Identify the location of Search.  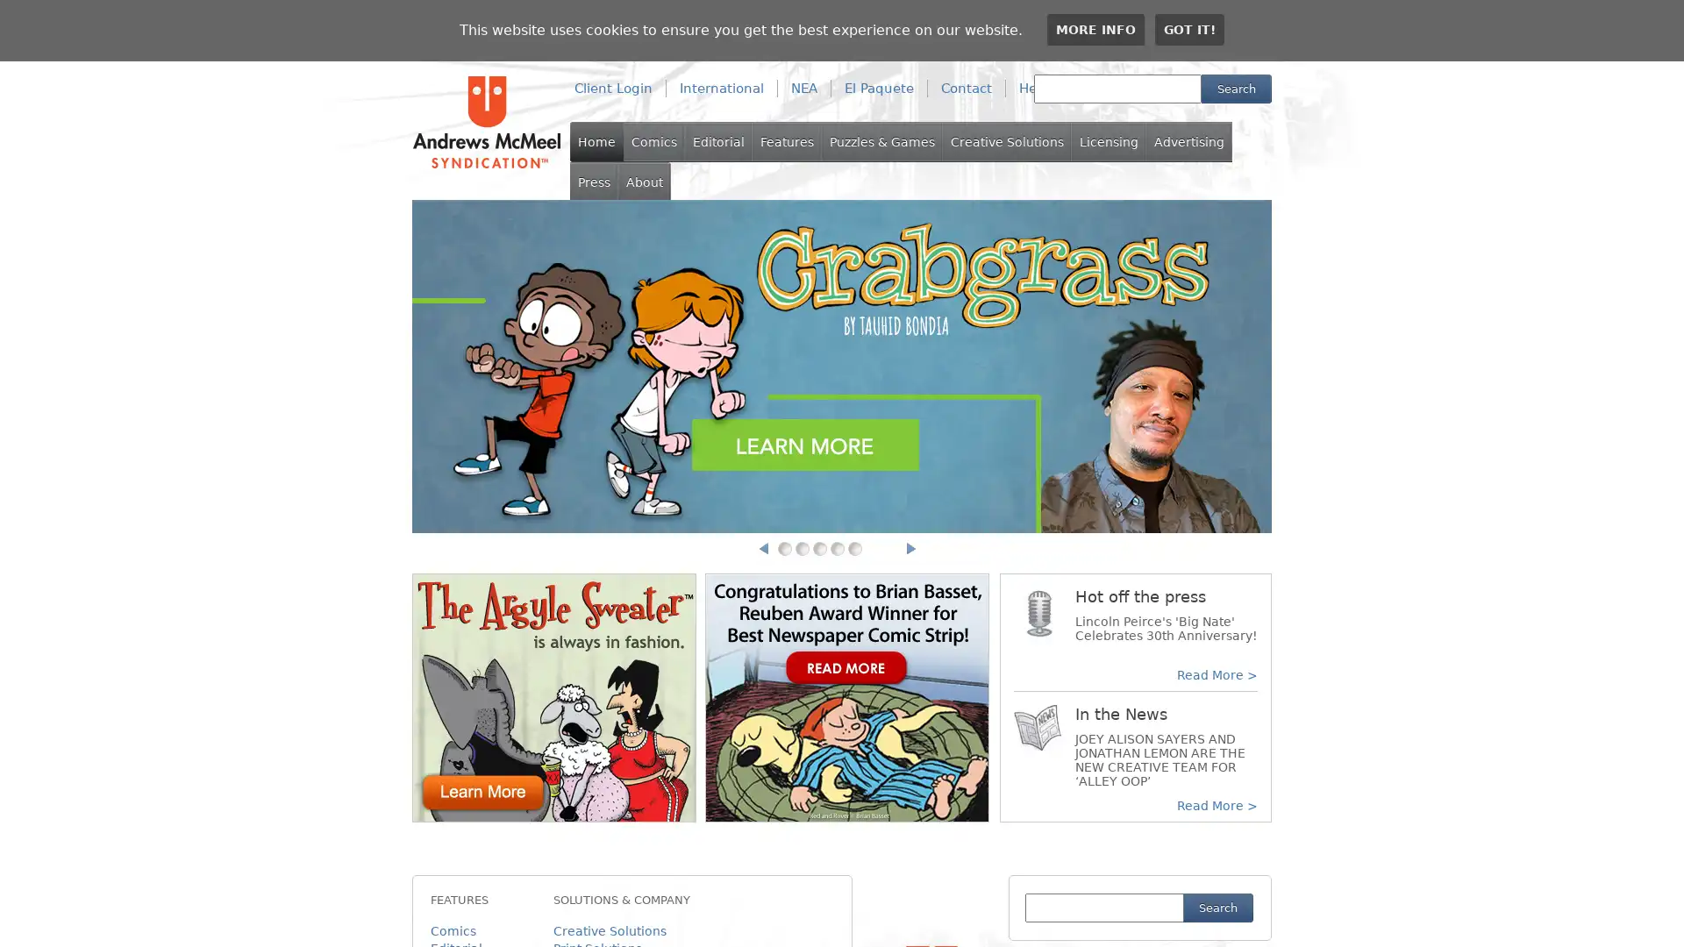
(1236, 89).